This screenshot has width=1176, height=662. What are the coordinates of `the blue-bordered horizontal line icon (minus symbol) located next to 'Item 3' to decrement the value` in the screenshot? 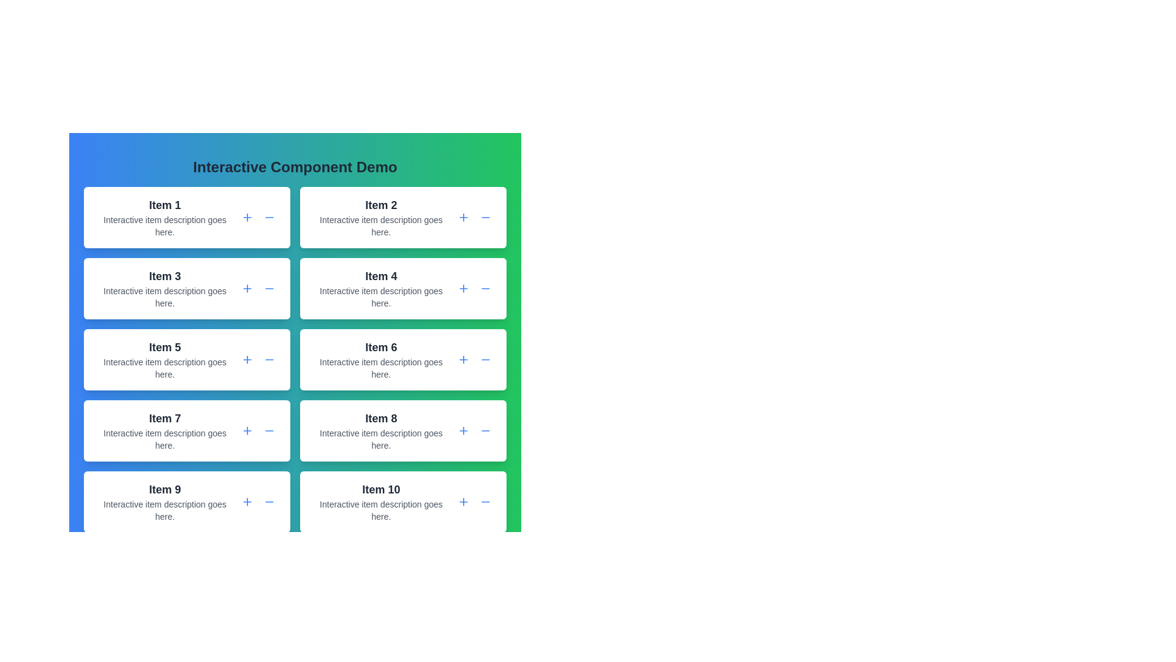 It's located at (269, 288).